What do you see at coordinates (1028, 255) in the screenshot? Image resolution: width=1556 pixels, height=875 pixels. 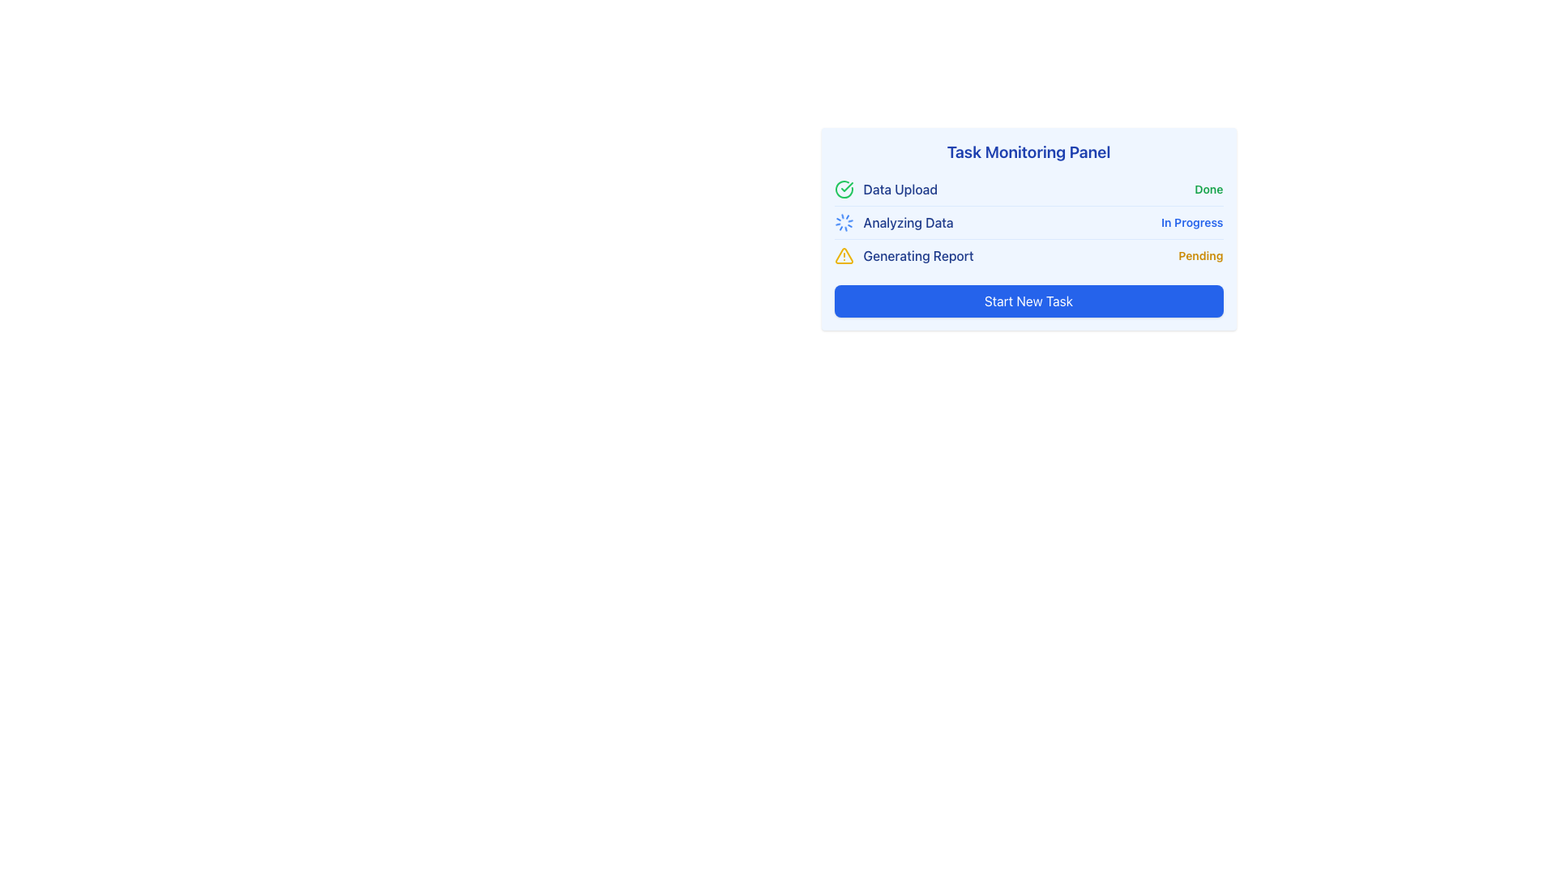 I see `task name and status of the ongoing 'Generating Report' task, which is the third item in the task monitoring interface` at bounding box center [1028, 255].